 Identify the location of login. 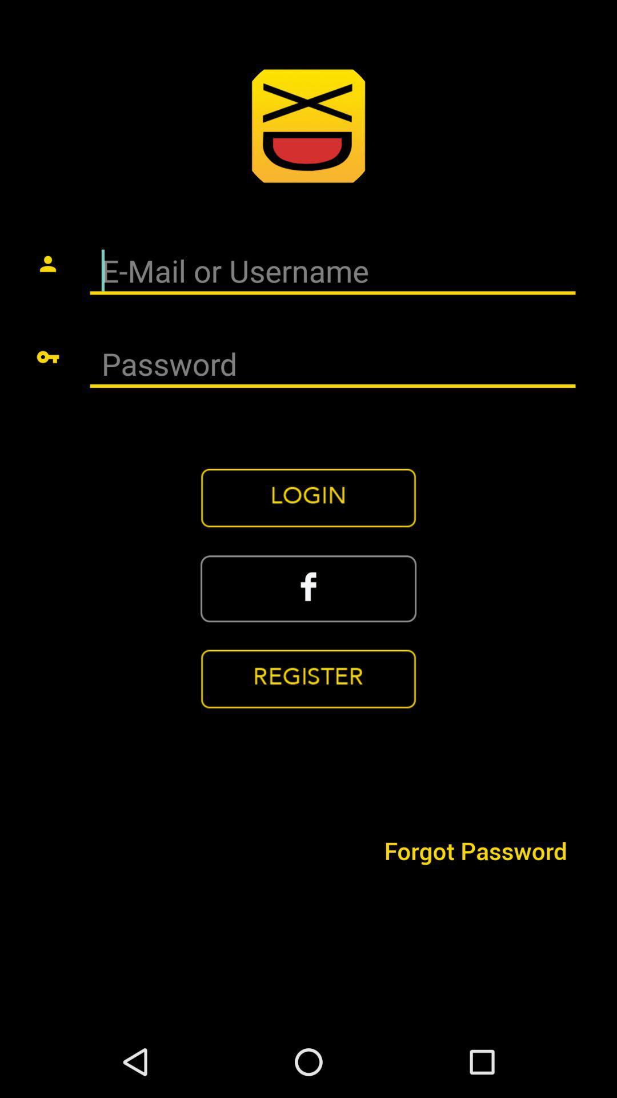
(308, 498).